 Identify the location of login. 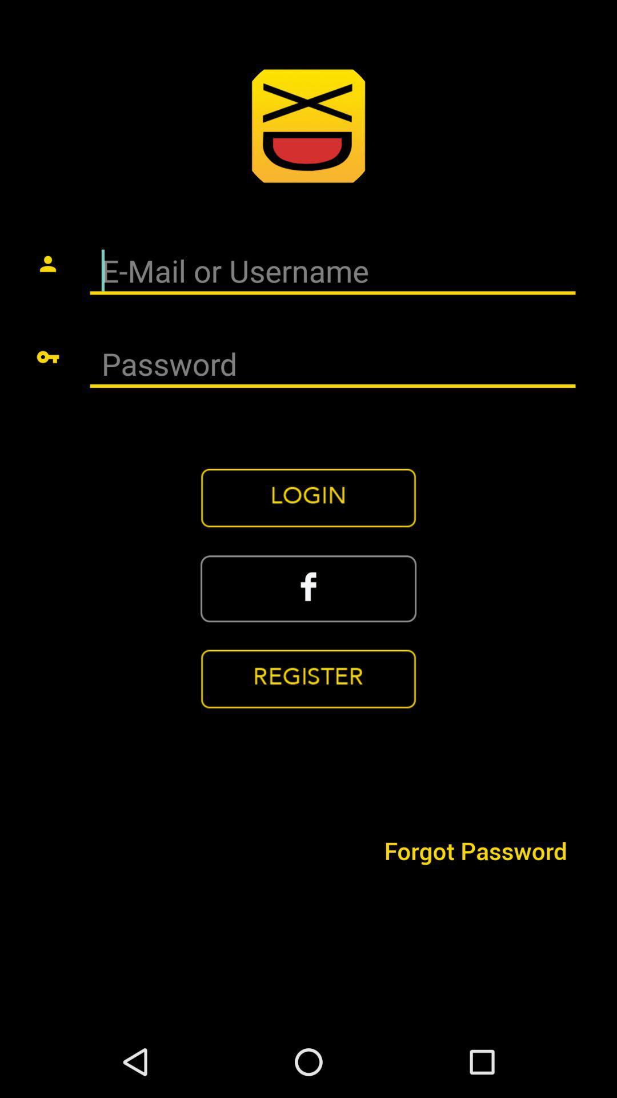
(308, 498).